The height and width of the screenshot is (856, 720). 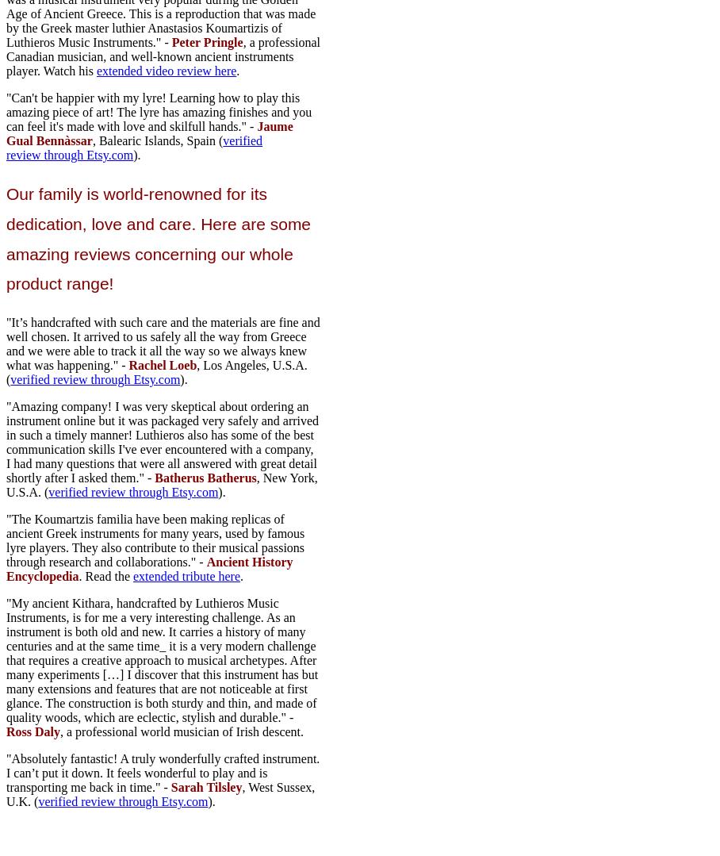 I want to click on '"Absolutely fantastic! A truly wonderfully crafted instrument. I can’t put it down. It feels wonderful to play and is transporting me back in time." -', so click(x=5, y=772).